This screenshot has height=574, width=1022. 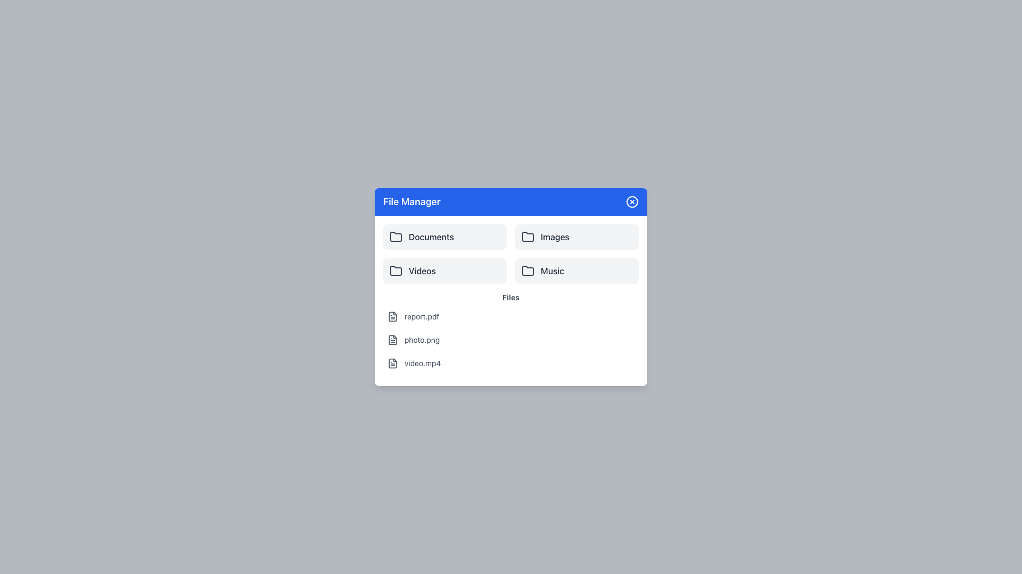 I want to click on the 'File Manager' text label, which is displayed in bold white font on a blue background bar at the top of a card-like interface, so click(x=411, y=202).